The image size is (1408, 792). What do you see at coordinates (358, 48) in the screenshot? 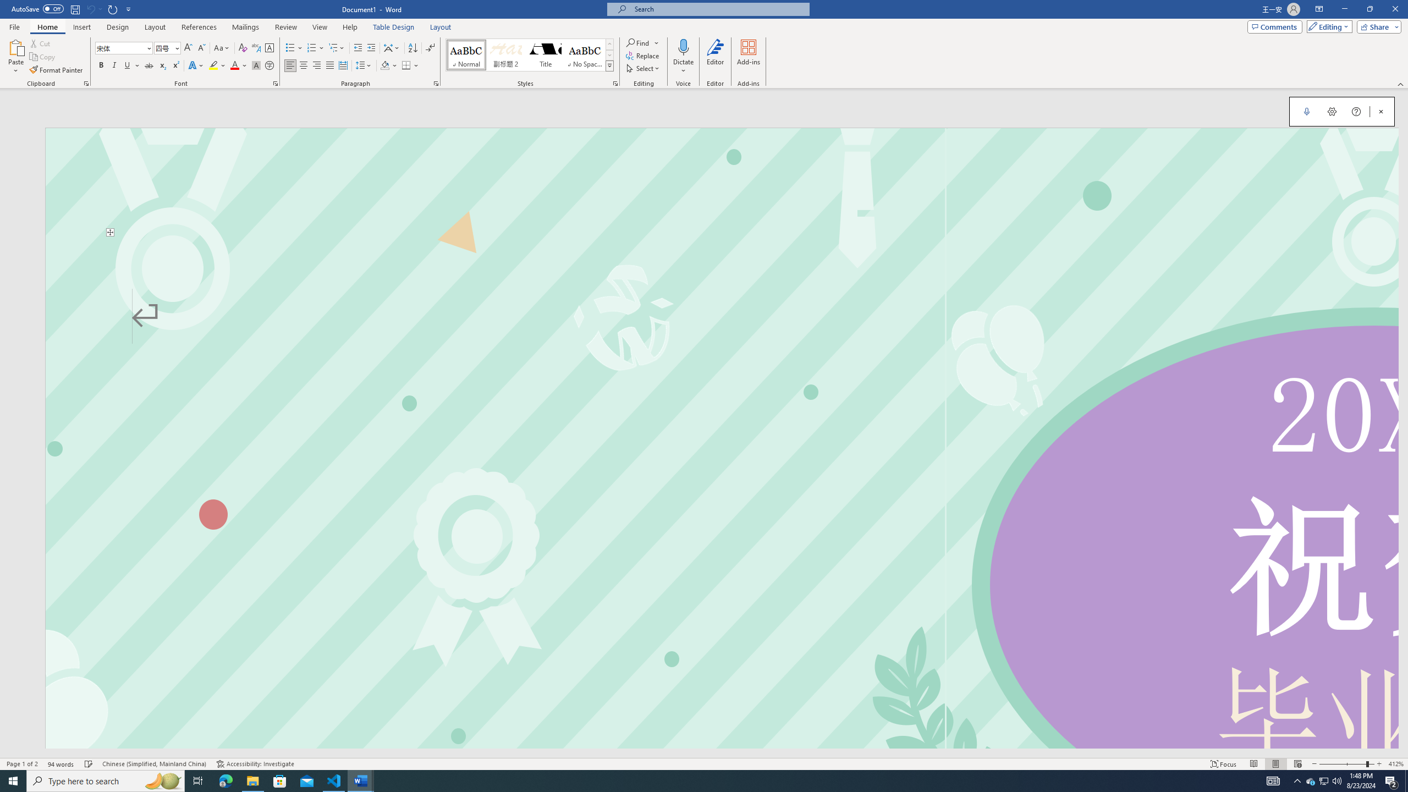
I see `'Decrease Indent'` at bounding box center [358, 48].